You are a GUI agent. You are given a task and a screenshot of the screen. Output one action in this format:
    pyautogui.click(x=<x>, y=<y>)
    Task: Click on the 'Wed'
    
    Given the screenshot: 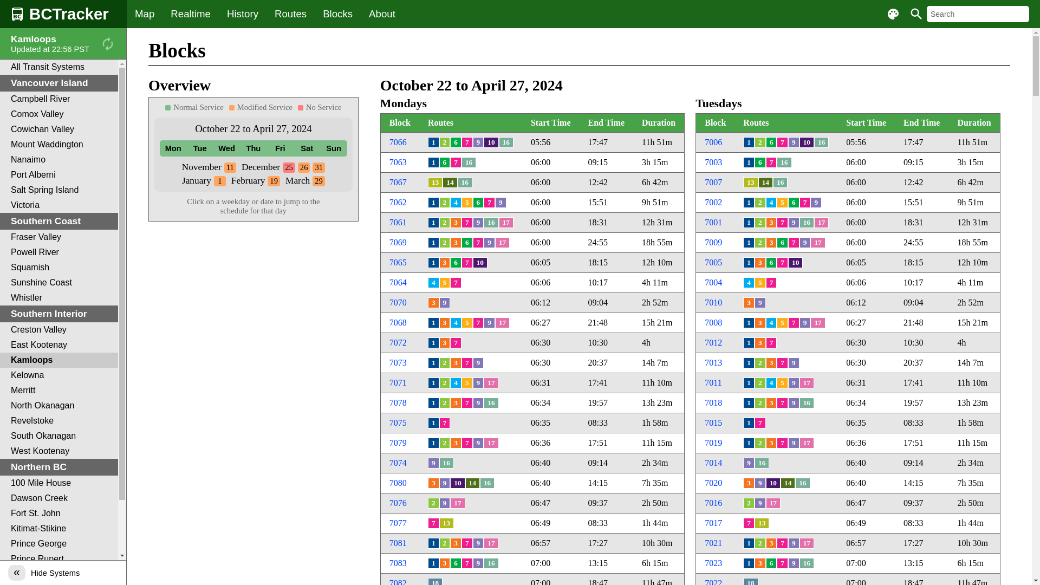 What is the action you would take?
    pyautogui.click(x=226, y=148)
    